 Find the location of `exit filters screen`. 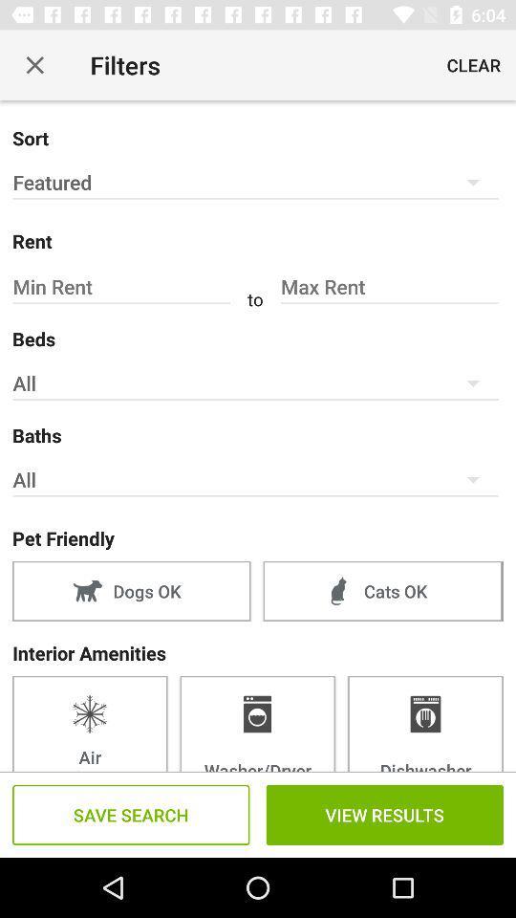

exit filters screen is located at coordinates (34, 65).